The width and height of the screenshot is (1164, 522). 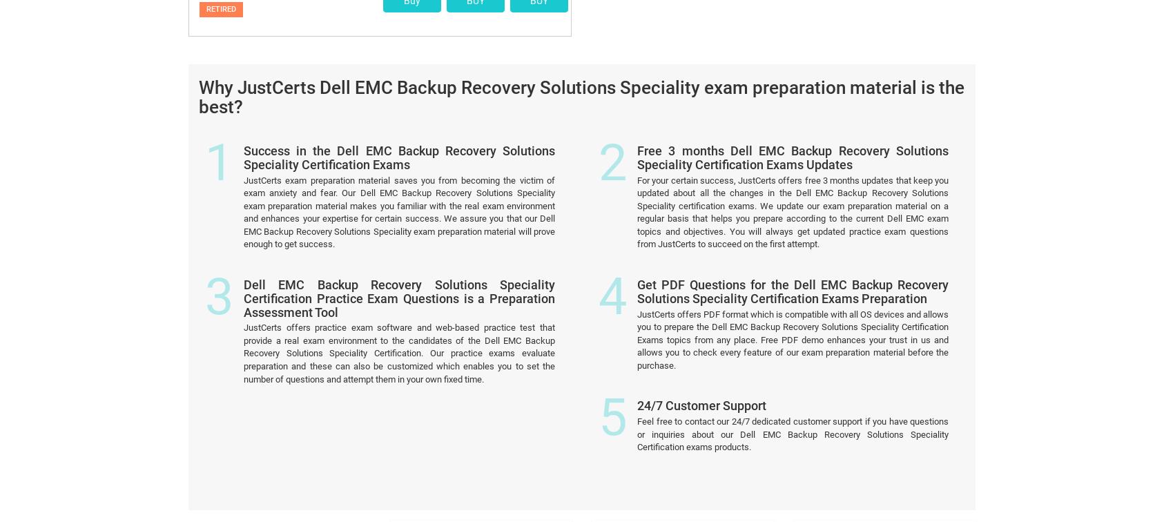 What do you see at coordinates (882, 391) in the screenshot?
I see `'Netskope Certified Cloud Security Integrator'` at bounding box center [882, 391].